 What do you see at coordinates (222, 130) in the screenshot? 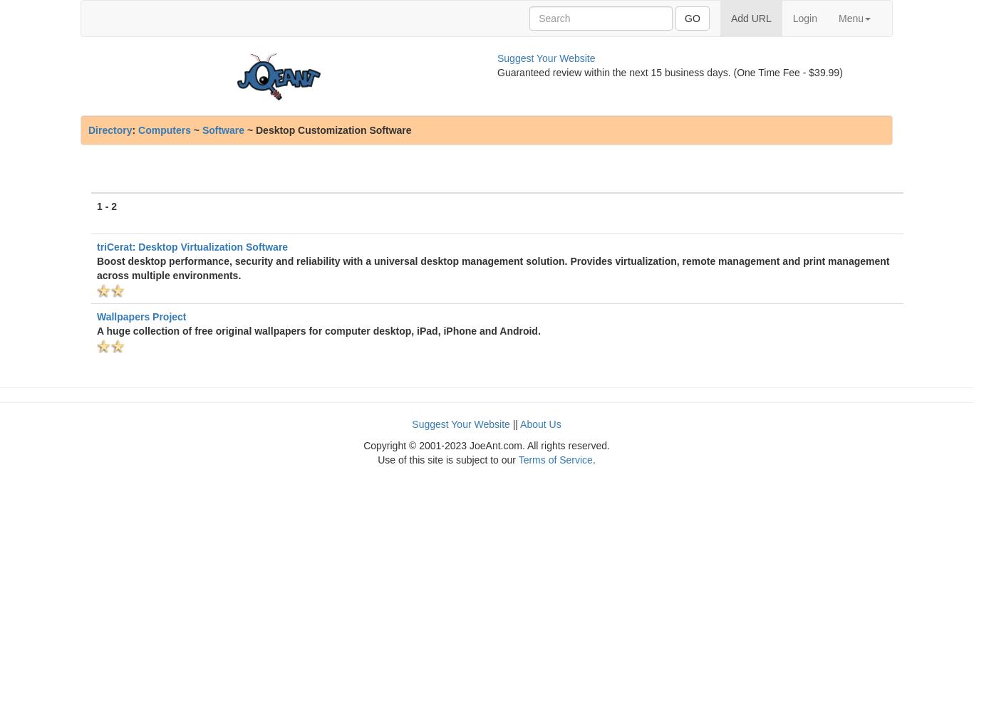
I see `'Software'` at bounding box center [222, 130].